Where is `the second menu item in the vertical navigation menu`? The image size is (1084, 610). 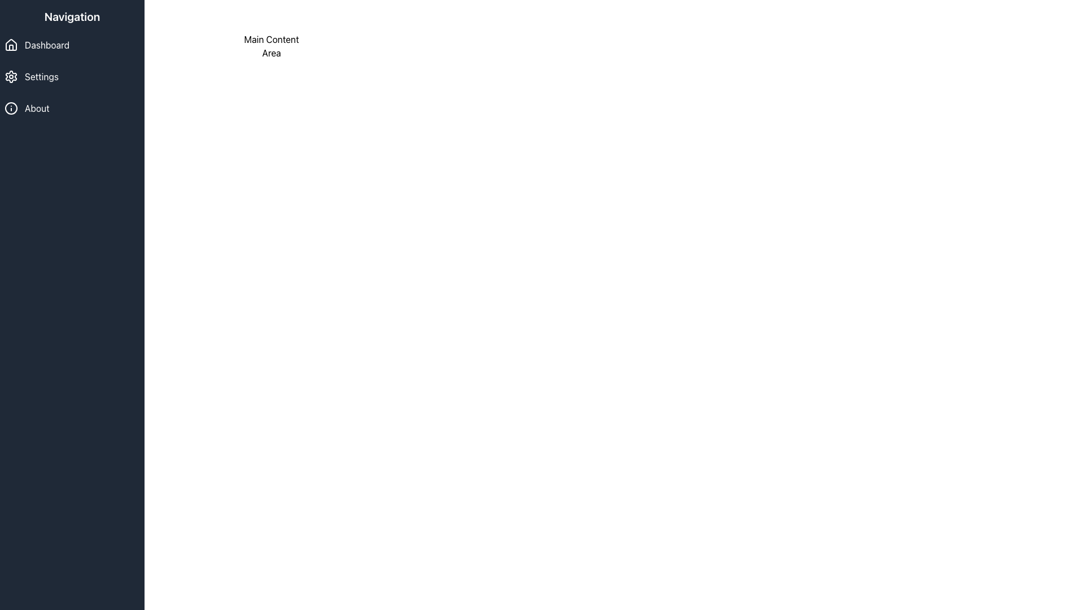 the second menu item in the vertical navigation menu is located at coordinates (41, 76).